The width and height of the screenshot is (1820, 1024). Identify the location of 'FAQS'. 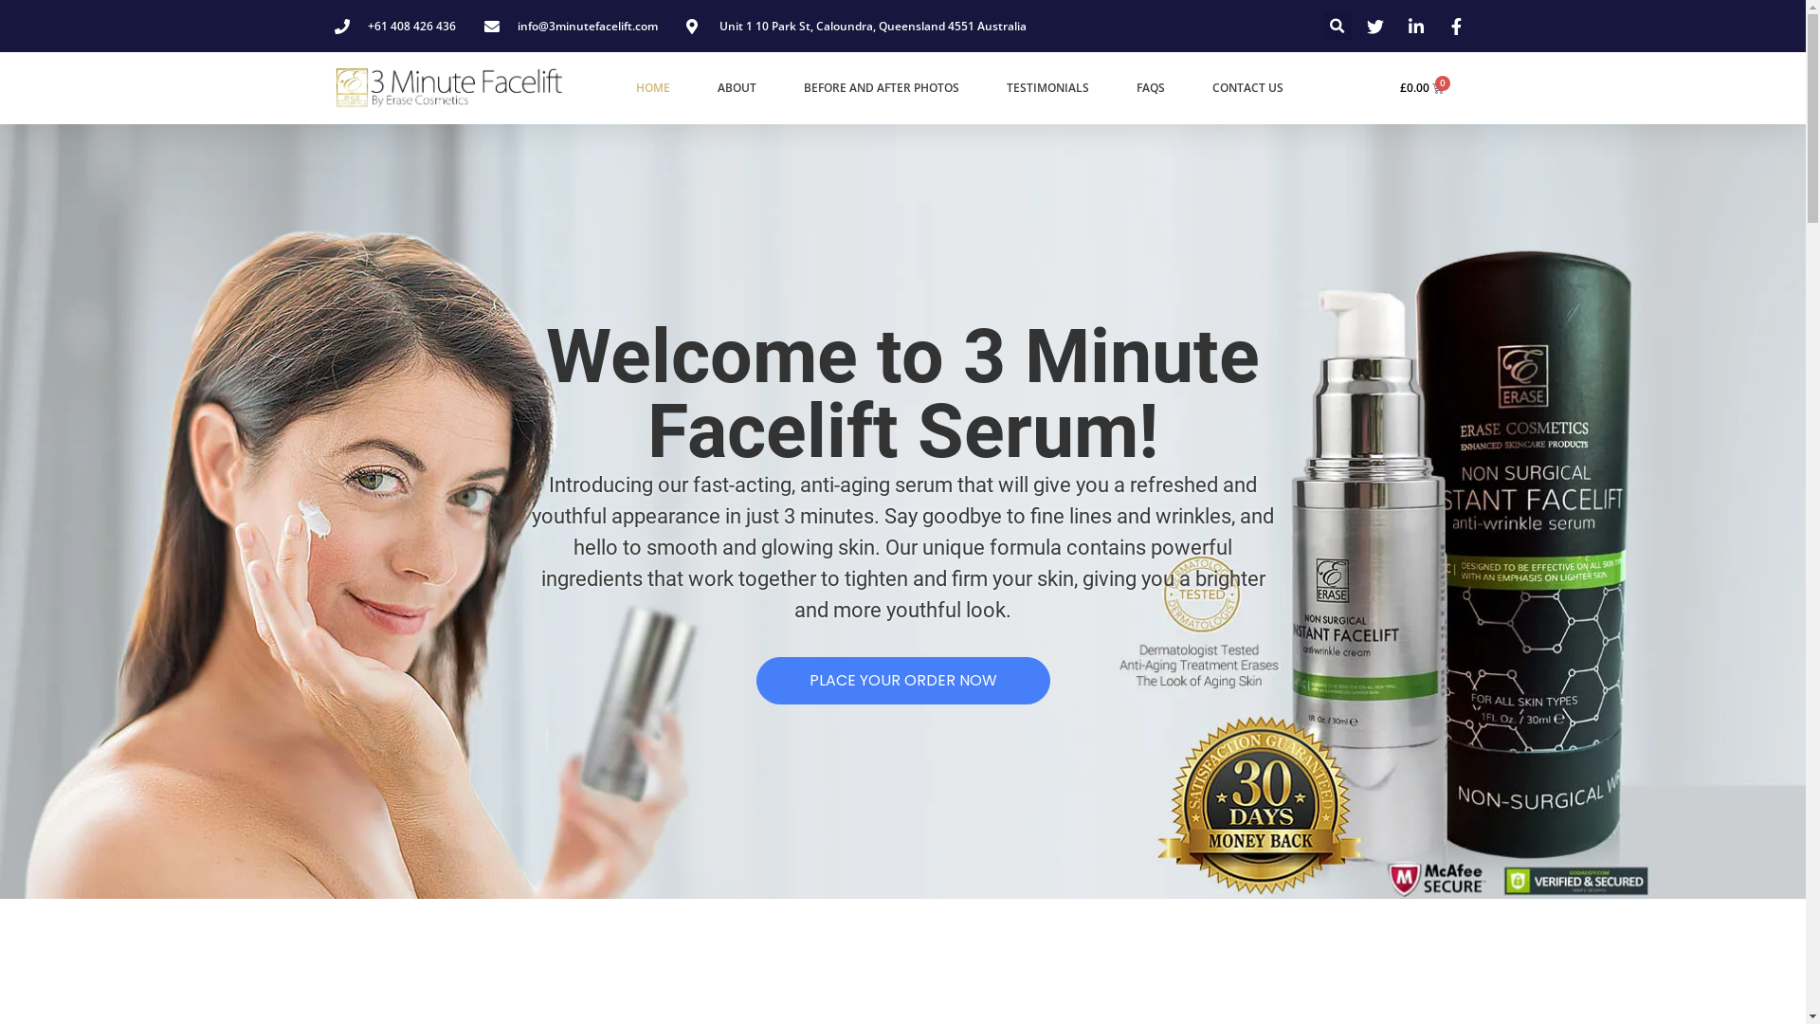
(1150, 87).